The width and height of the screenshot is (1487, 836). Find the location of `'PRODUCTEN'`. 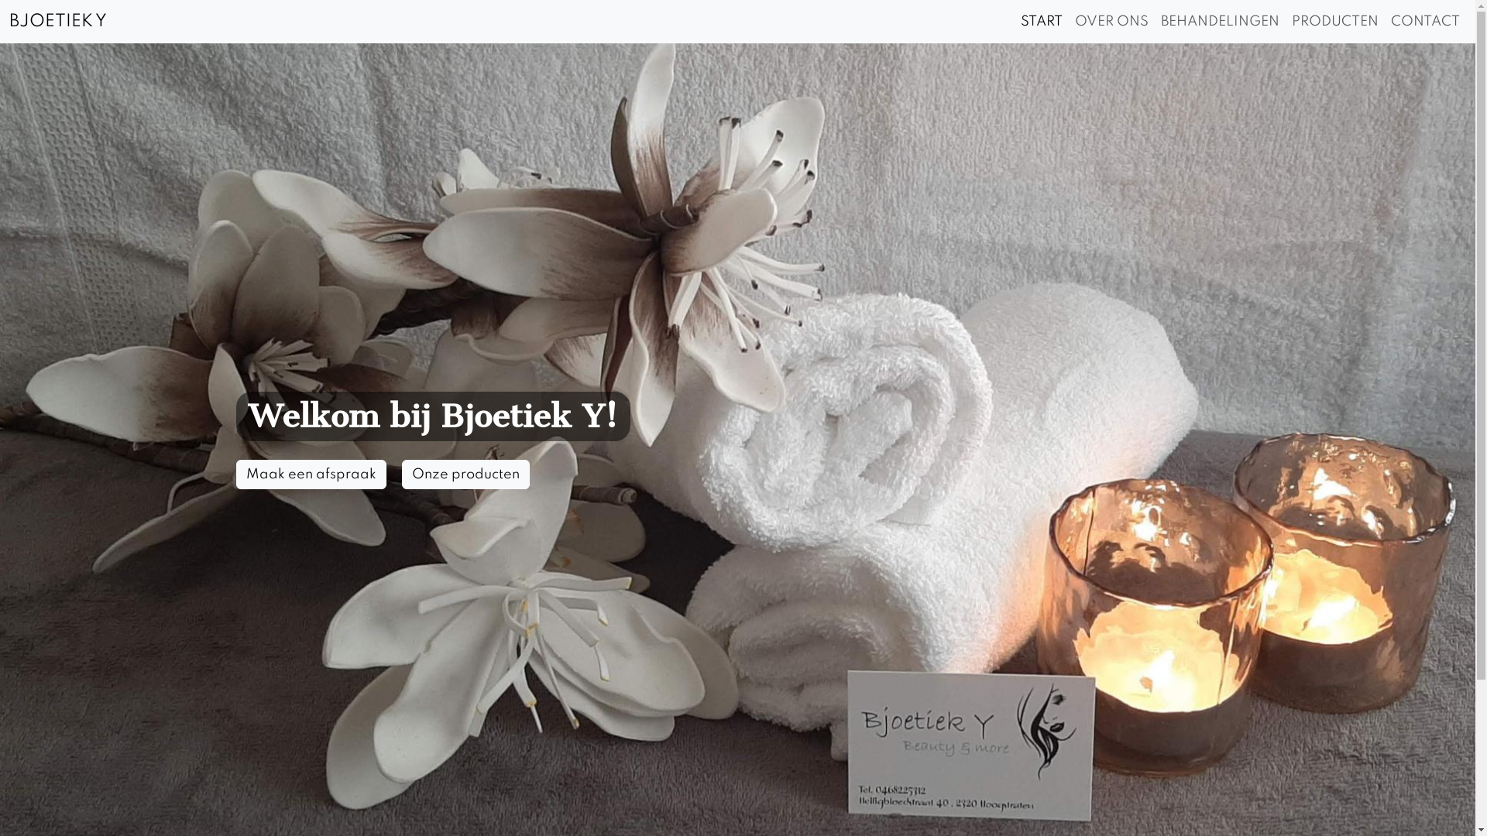

'PRODUCTEN' is located at coordinates (1334, 21).